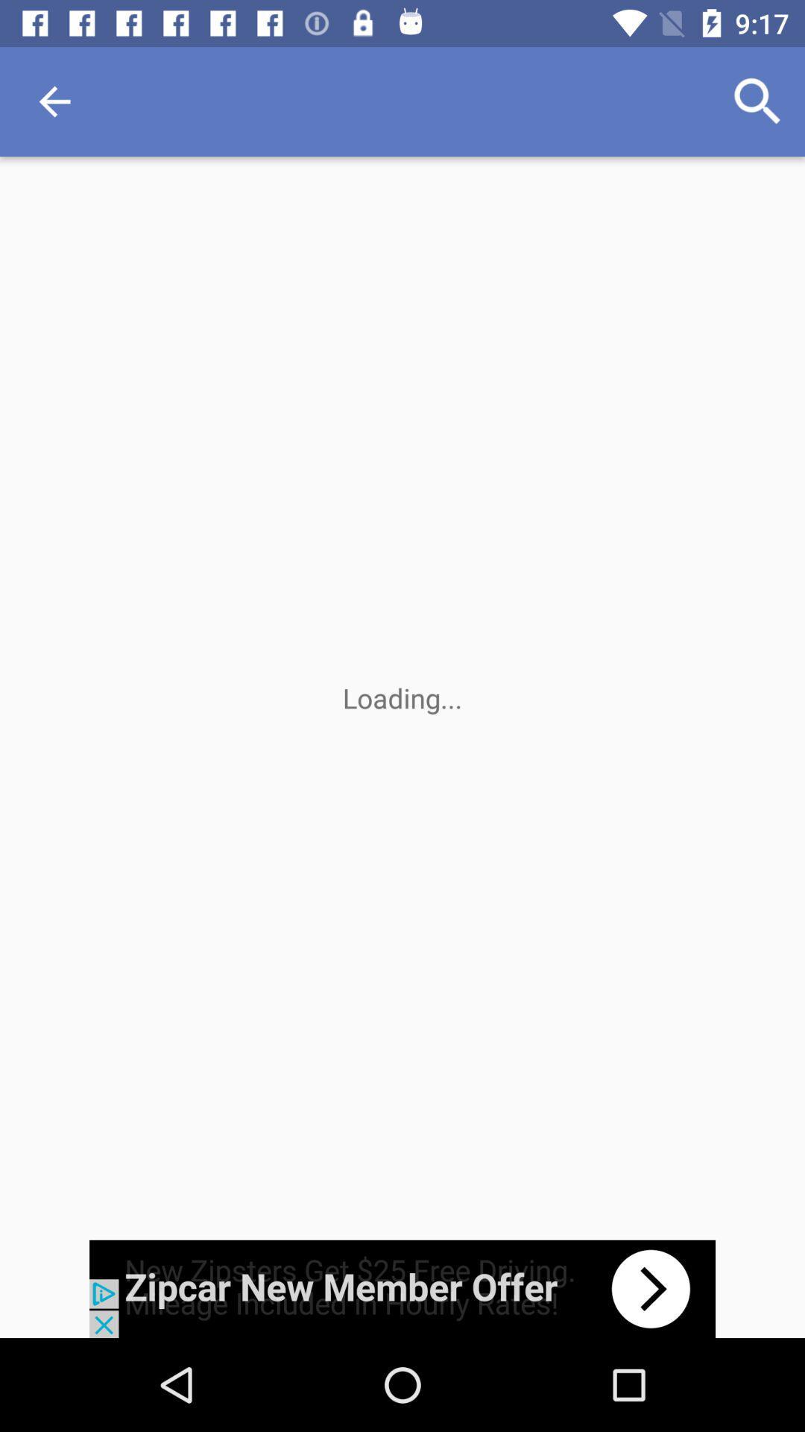 The image size is (805, 1432). What do you see at coordinates (402, 1288) in the screenshot?
I see `go forward` at bounding box center [402, 1288].